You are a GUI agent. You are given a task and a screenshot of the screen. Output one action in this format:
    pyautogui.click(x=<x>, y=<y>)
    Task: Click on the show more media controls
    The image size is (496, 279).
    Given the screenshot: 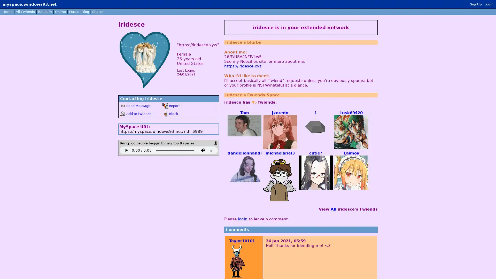 What is the action you would take?
    pyautogui.click(x=211, y=150)
    